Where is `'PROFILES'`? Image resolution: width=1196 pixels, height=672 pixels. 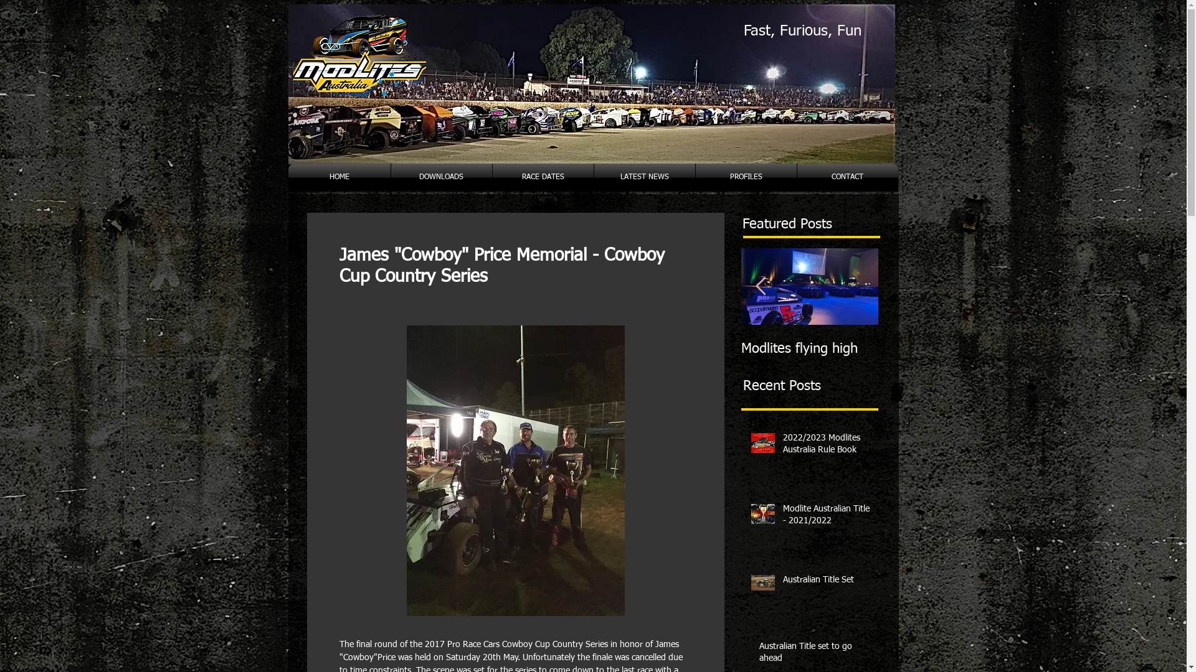 'PROFILES' is located at coordinates (695, 177).